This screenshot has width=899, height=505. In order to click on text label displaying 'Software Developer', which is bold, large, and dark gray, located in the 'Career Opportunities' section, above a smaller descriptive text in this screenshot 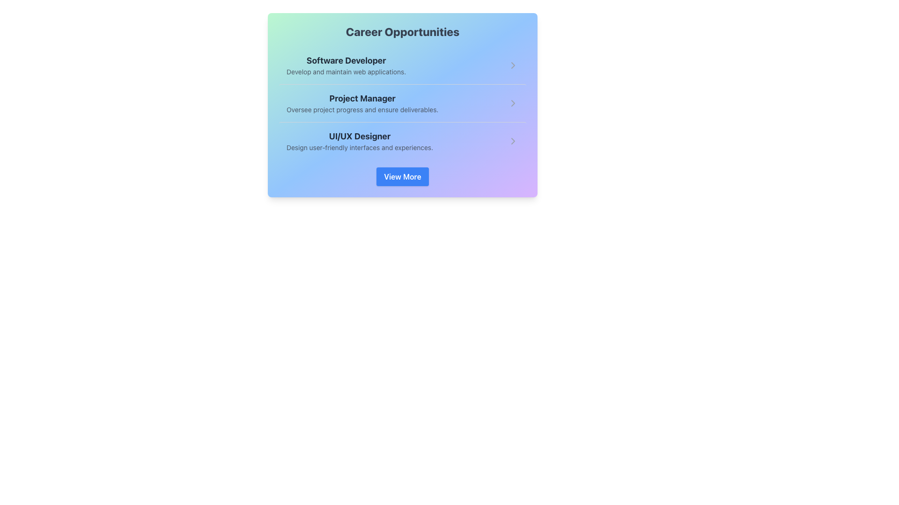, I will do `click(346, 61)`.